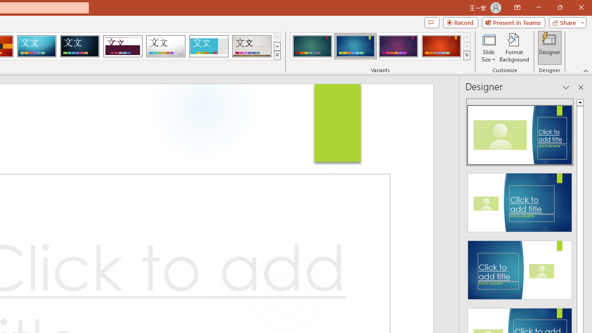 The height and width of the screenshot is (333, 592). I want to click on 'AutomationID: ThemeVariantsGallery', so click(381, 46).